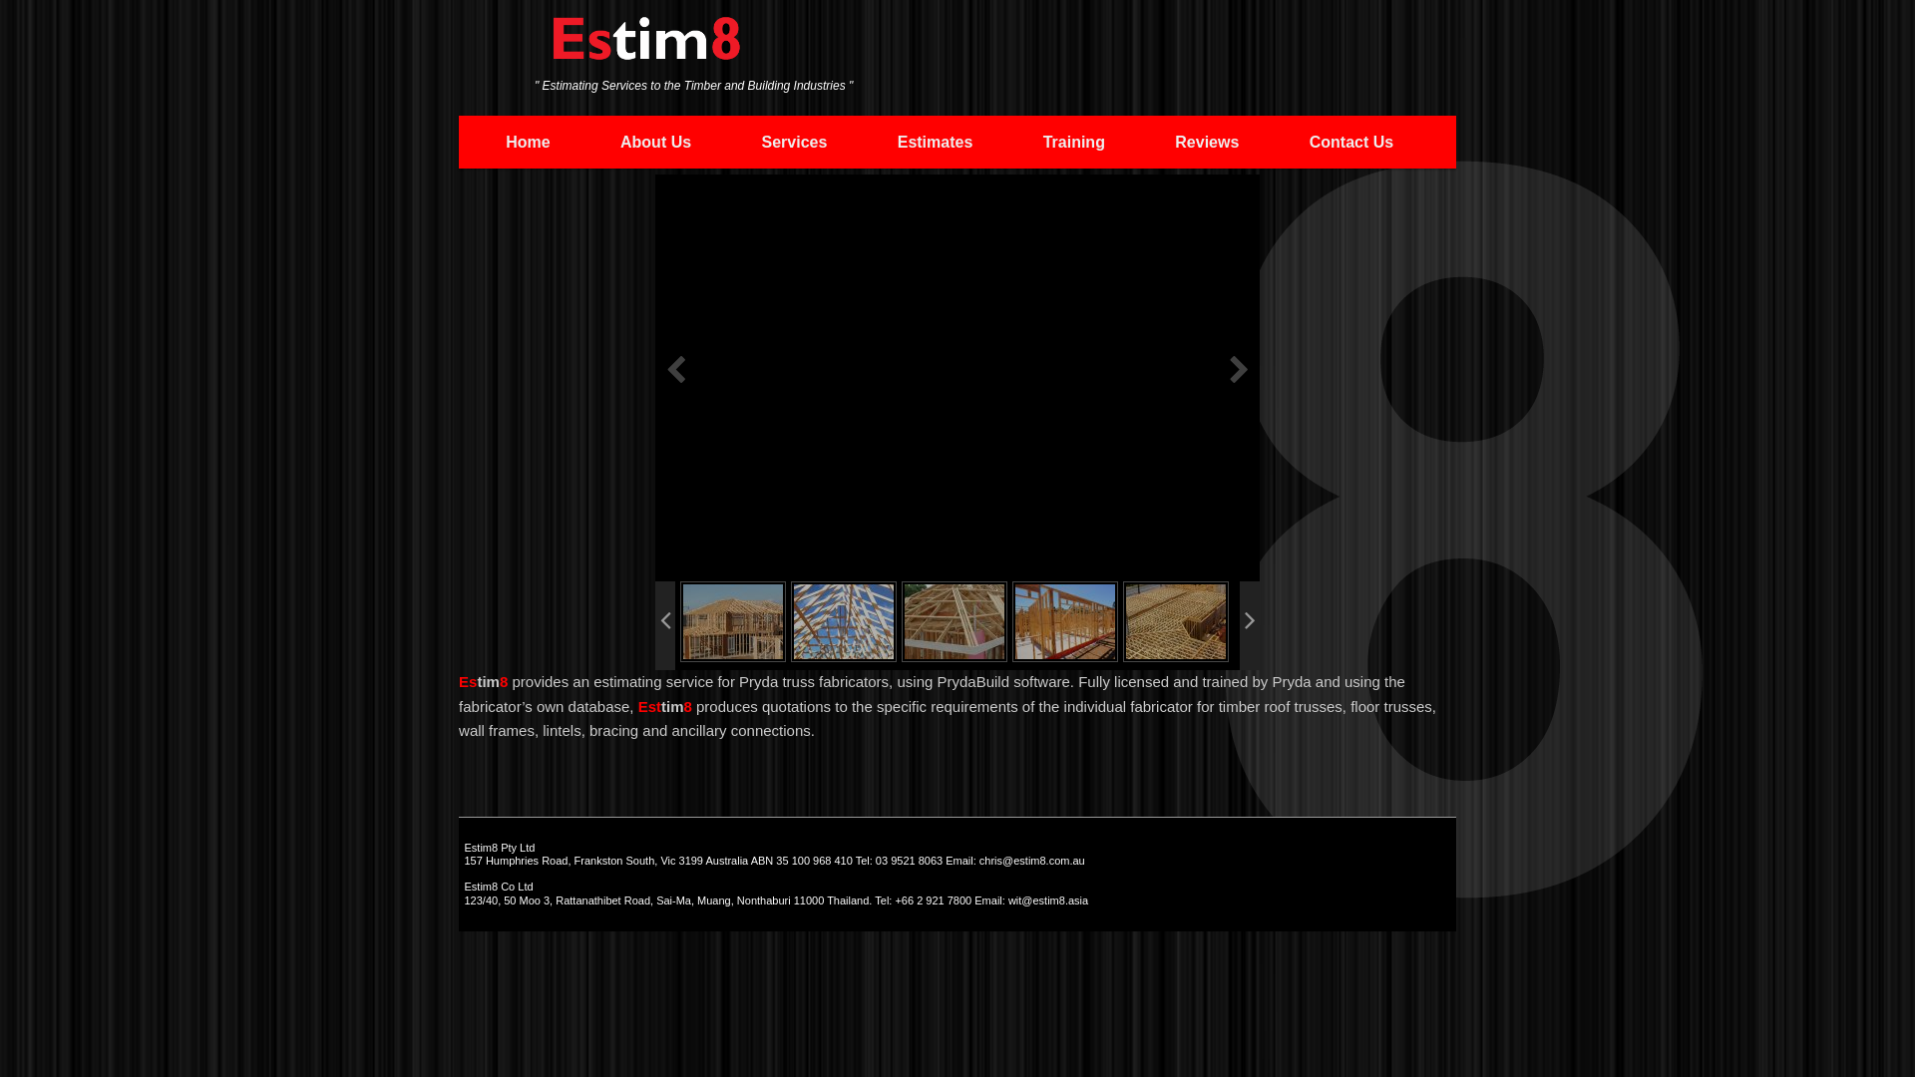 This screenshot has width=1915, height=1077. Describe the element at coordinates (665, 624) in the screenshot. I see `'Slide Left'` at that location.